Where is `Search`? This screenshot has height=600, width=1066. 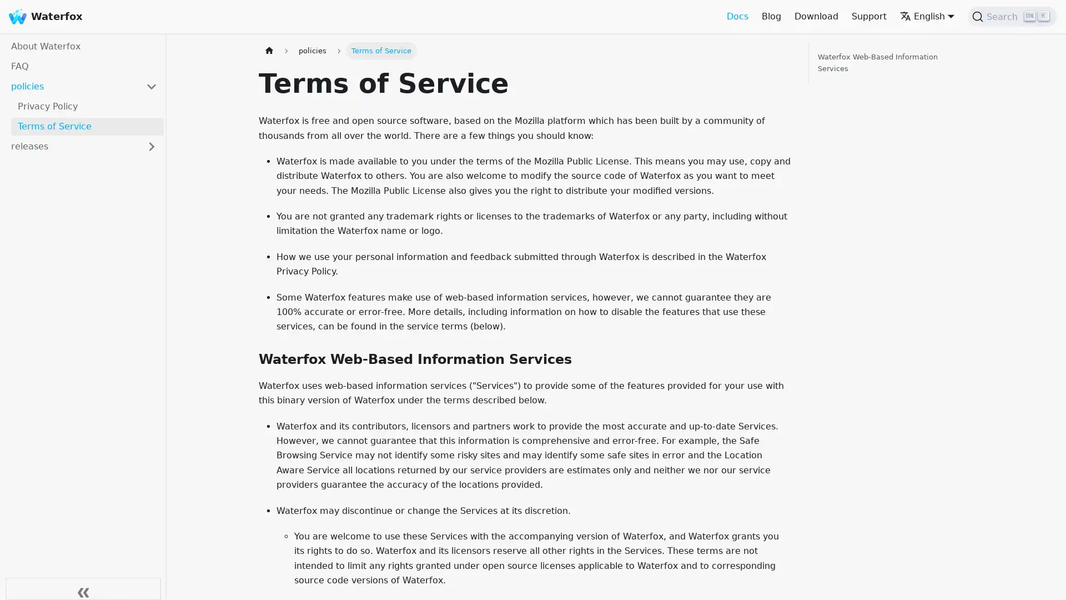
Search is located at coordinates (1012, 17).